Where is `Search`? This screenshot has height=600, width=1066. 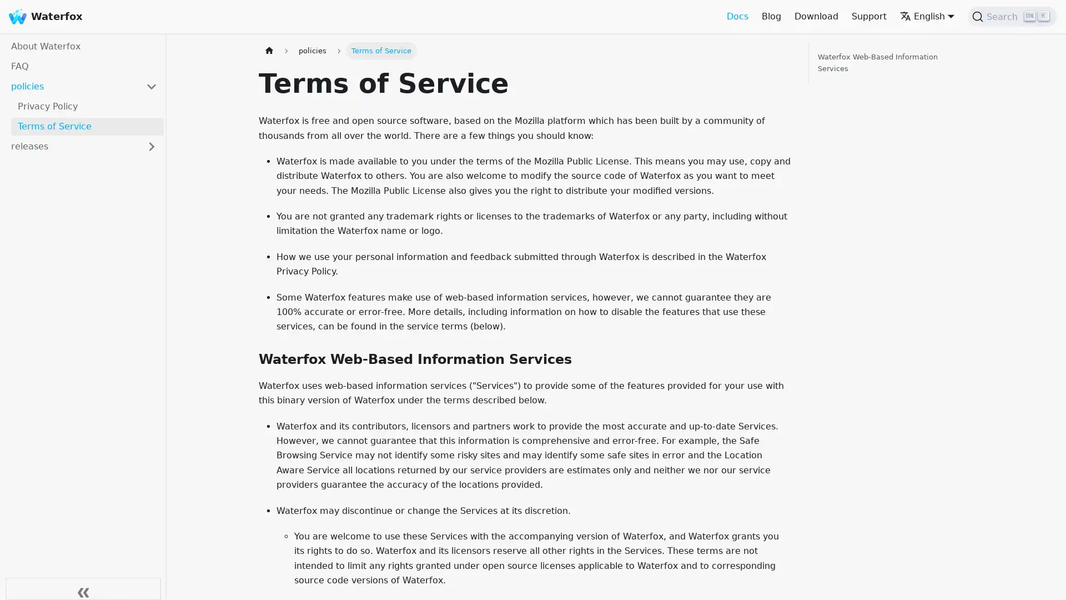
Search is located at coordinates (1012, 17).